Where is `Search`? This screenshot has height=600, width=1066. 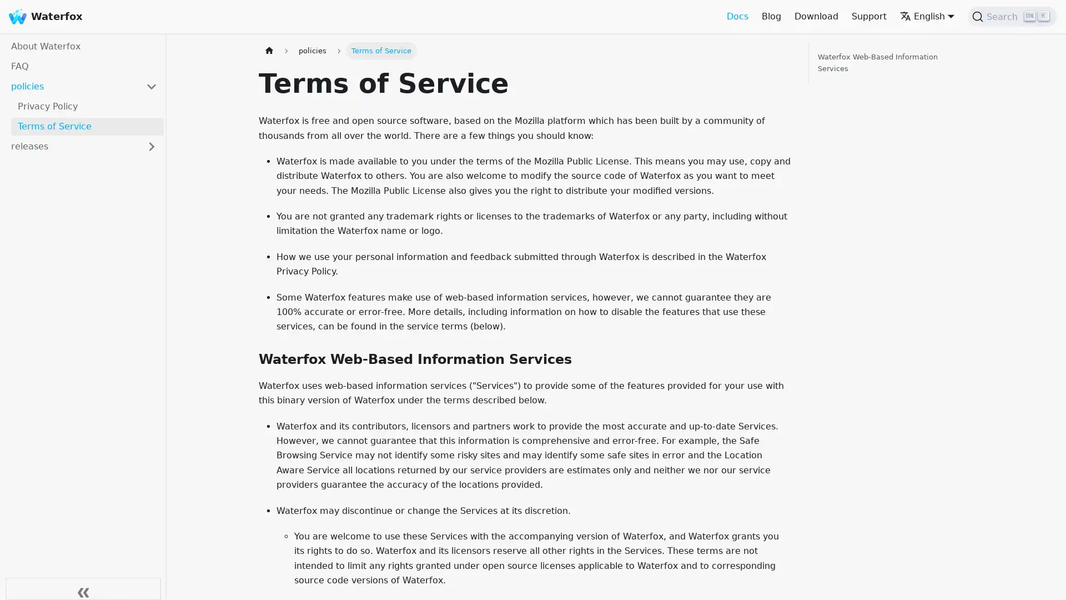
Search is located at coordinates (1012, 17).